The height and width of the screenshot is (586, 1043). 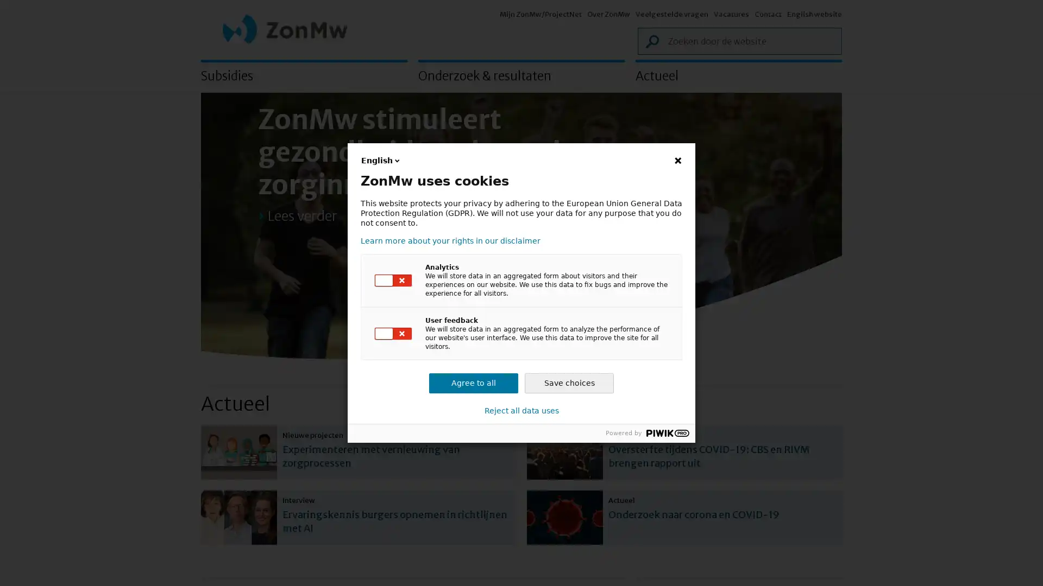 What do you see at coordinates (650, 41) in the screenshot?
I see `Zoek` at bounding box center [650, 41].